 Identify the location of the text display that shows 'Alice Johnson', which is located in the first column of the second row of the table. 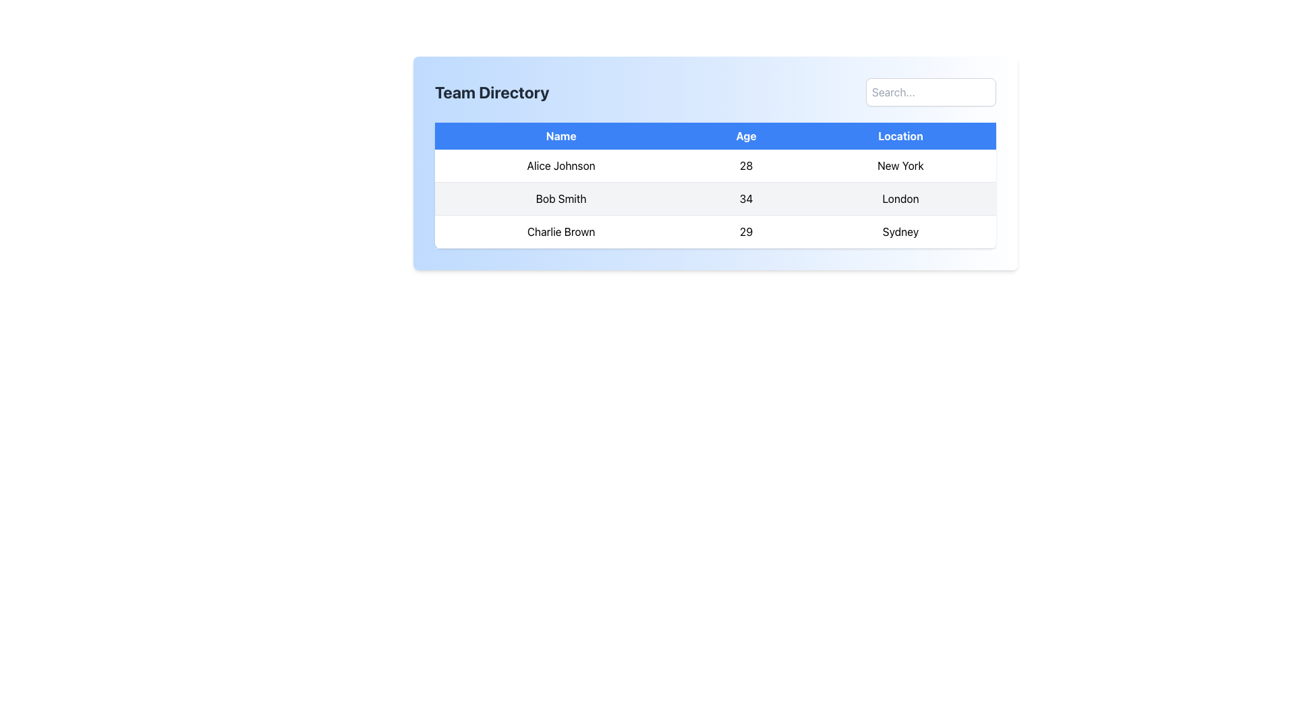
(560, 165).